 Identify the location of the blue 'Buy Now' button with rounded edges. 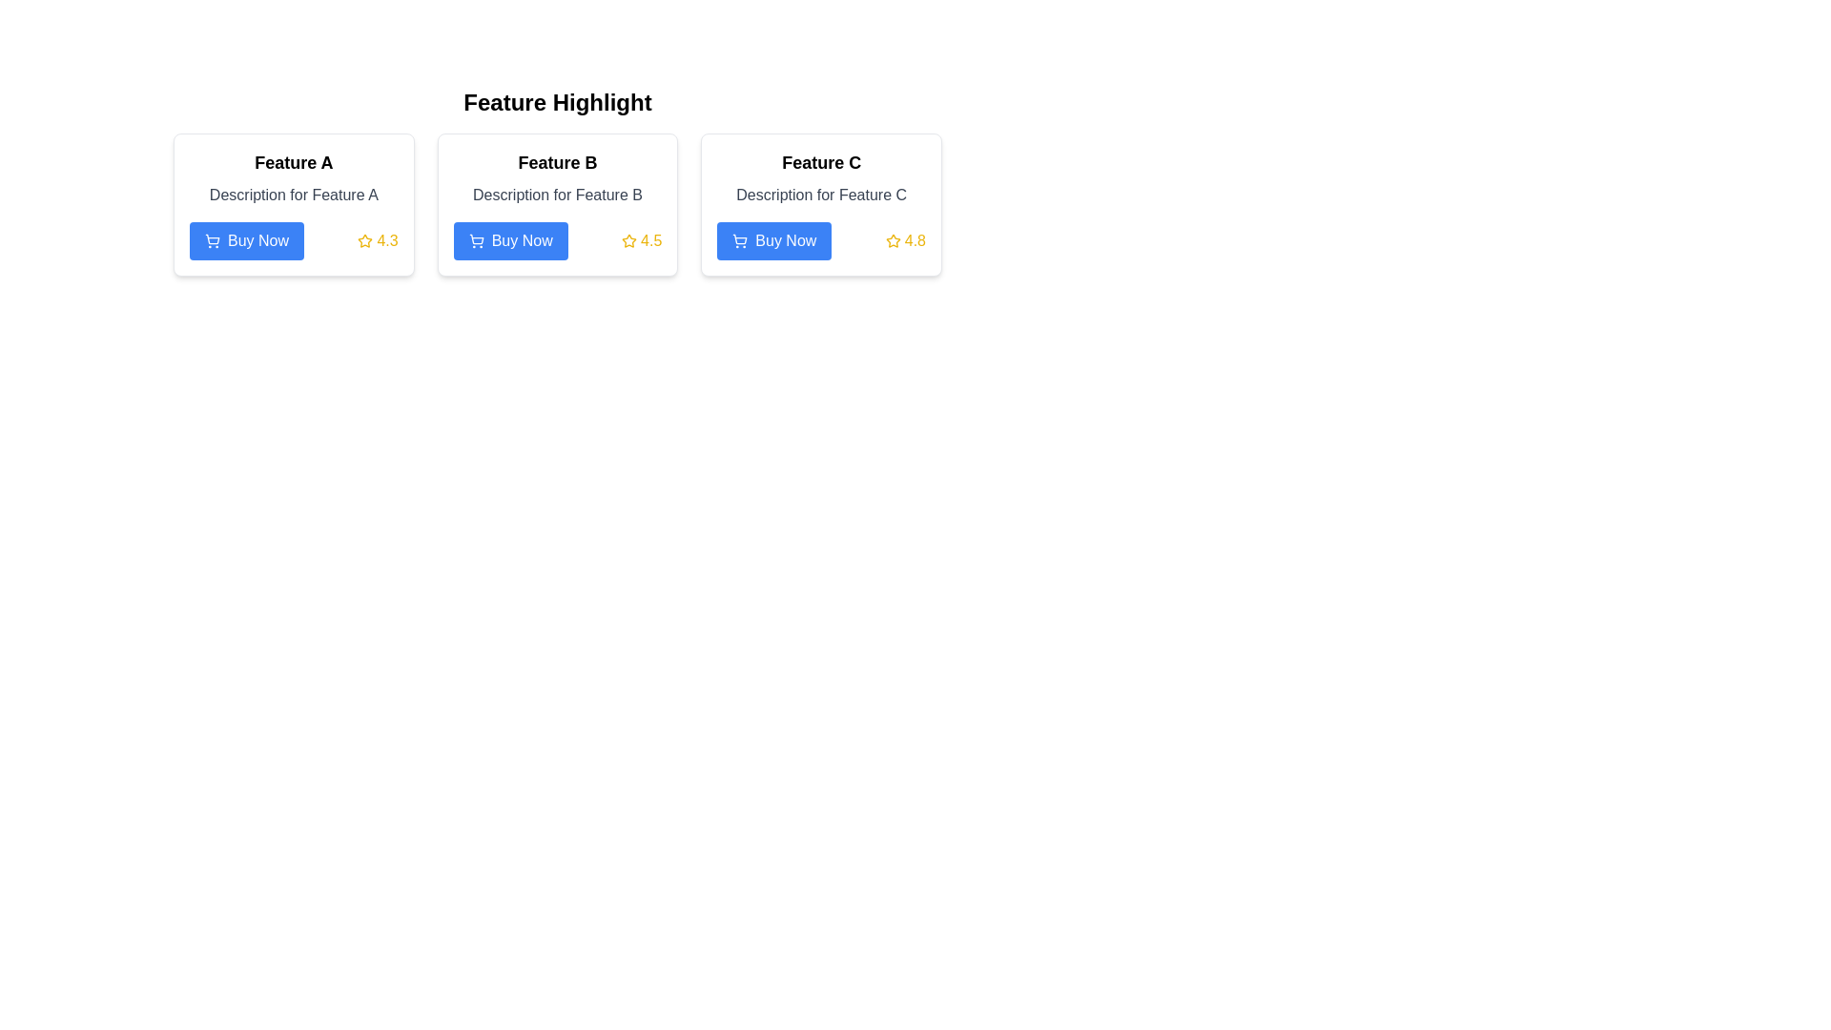
(774, 240).